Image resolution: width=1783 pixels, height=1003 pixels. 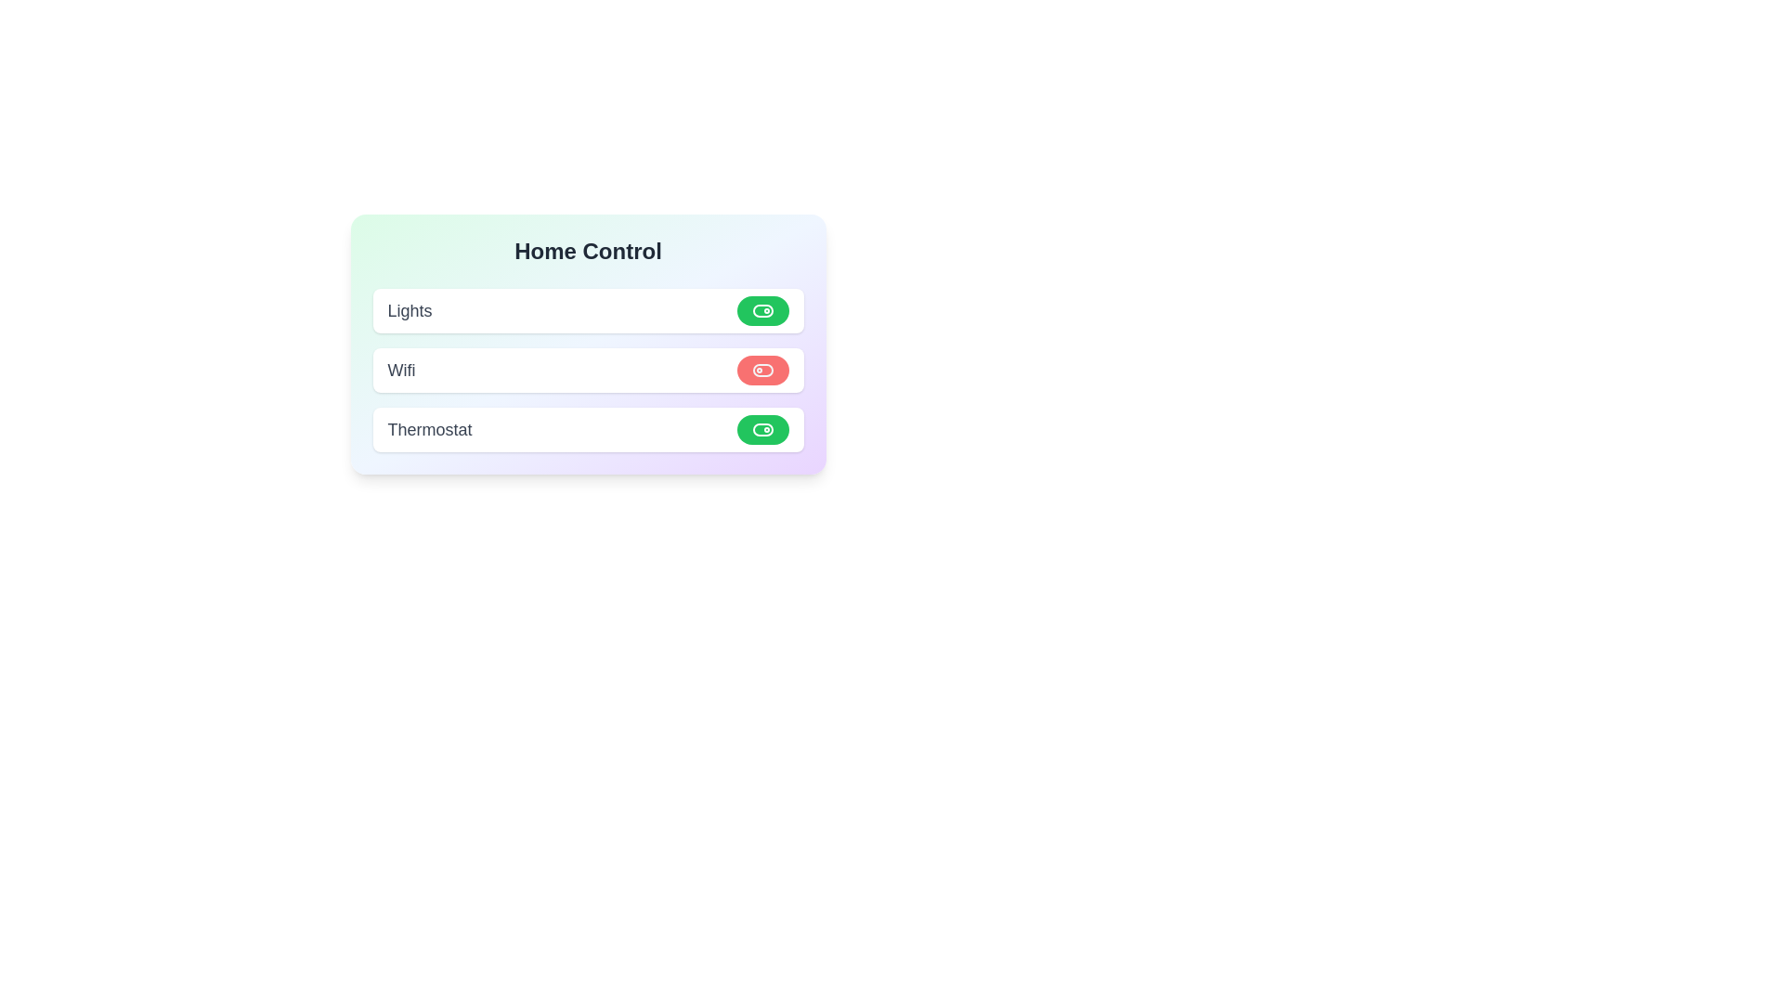 What do you see at coordinates (762, 429) in the screenshot?
I see `the SVG Icon within the Toggle Switch next to the label 'Thermostat' to switch its state` at bounding box center [762, 429].